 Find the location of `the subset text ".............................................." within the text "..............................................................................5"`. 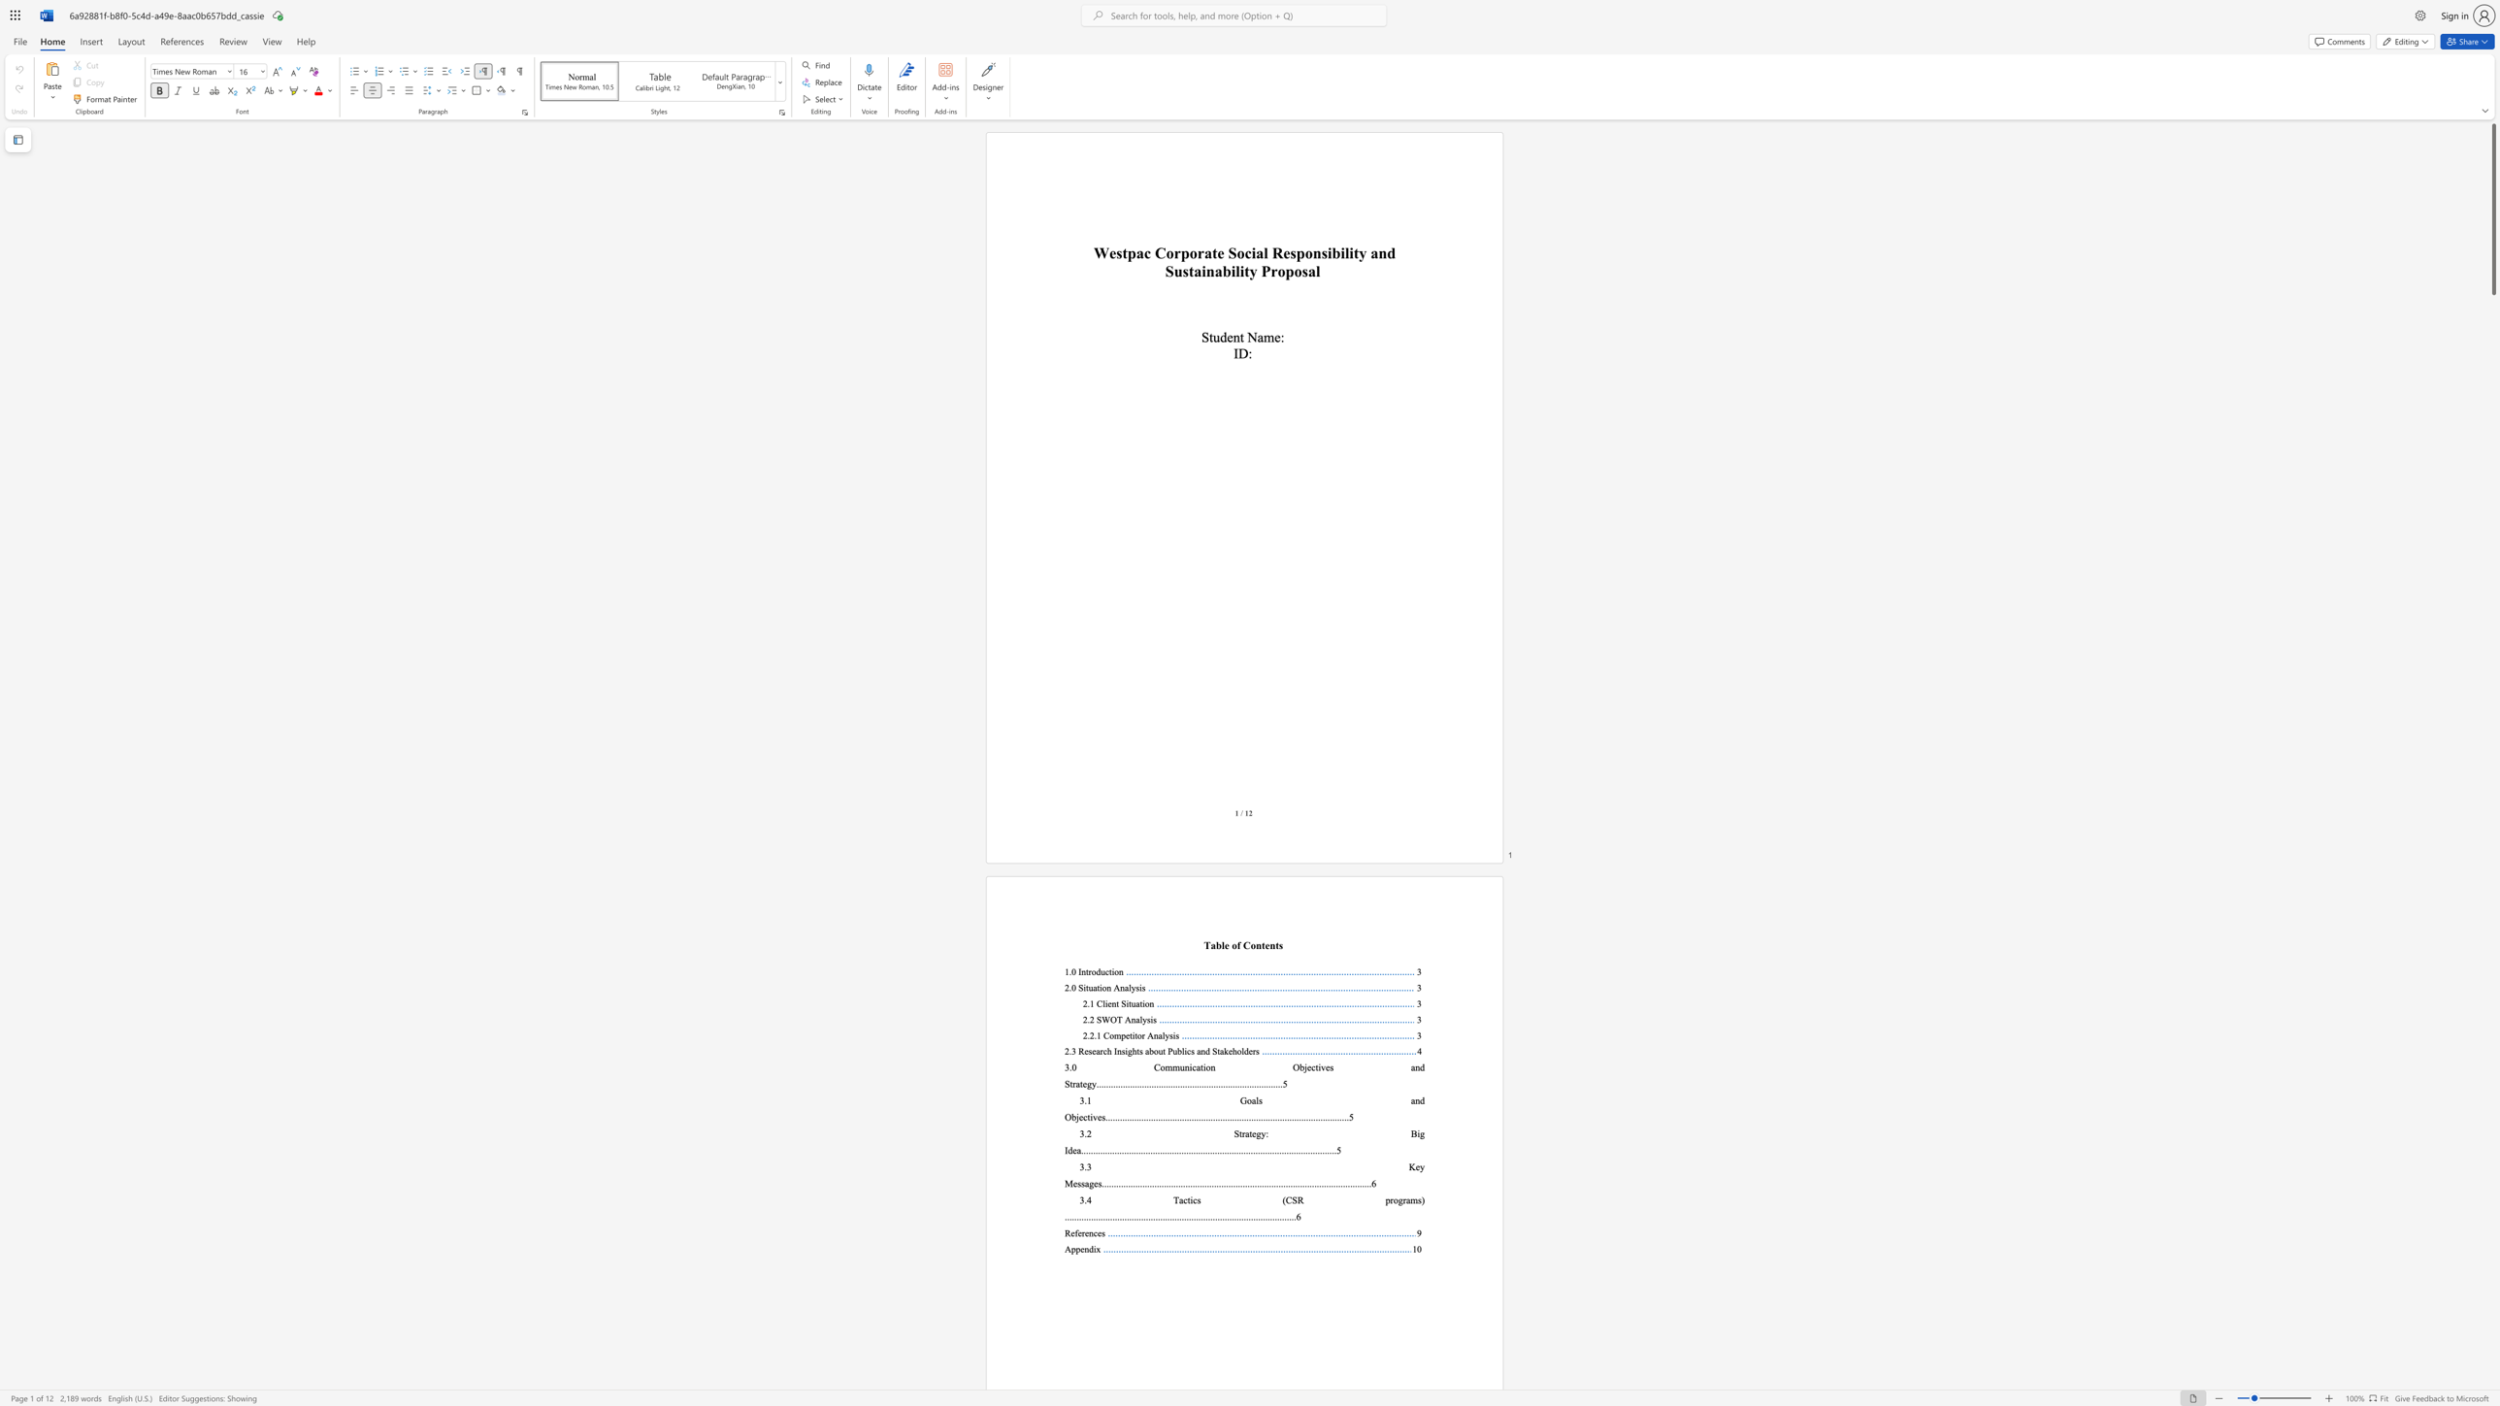

the subset text ".............................................." within the text "..............................................................................5" is located at coordinates (1122, 1084).